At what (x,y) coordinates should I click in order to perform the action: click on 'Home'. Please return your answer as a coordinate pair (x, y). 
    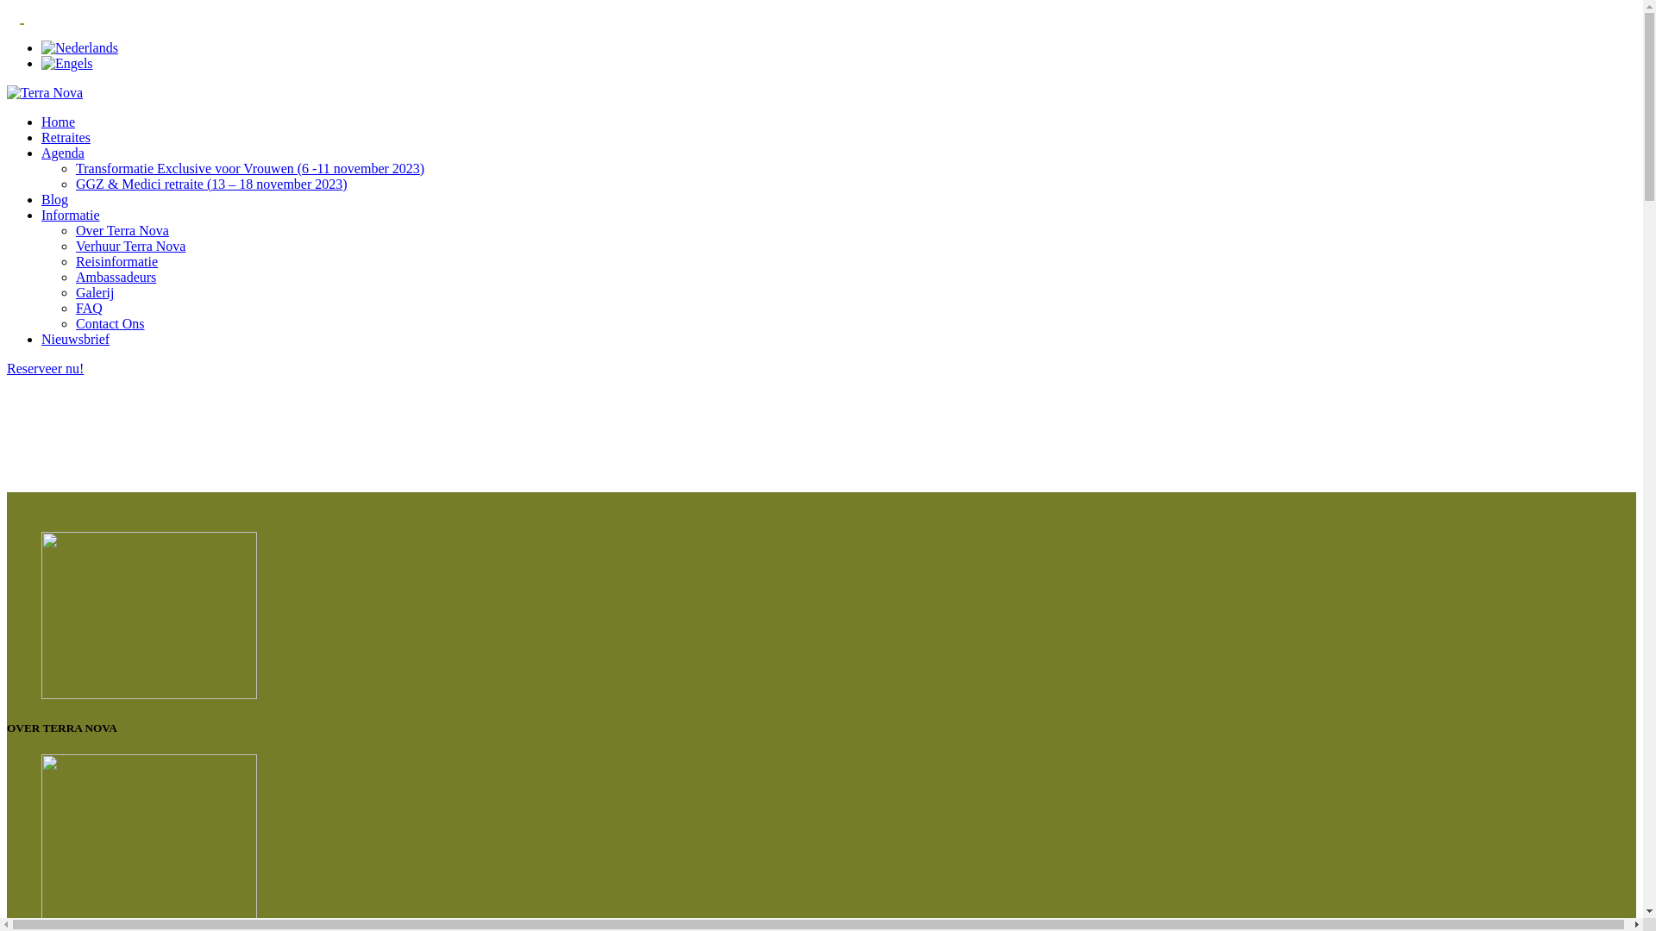
    Looking at the image, I should click on (58, 121).